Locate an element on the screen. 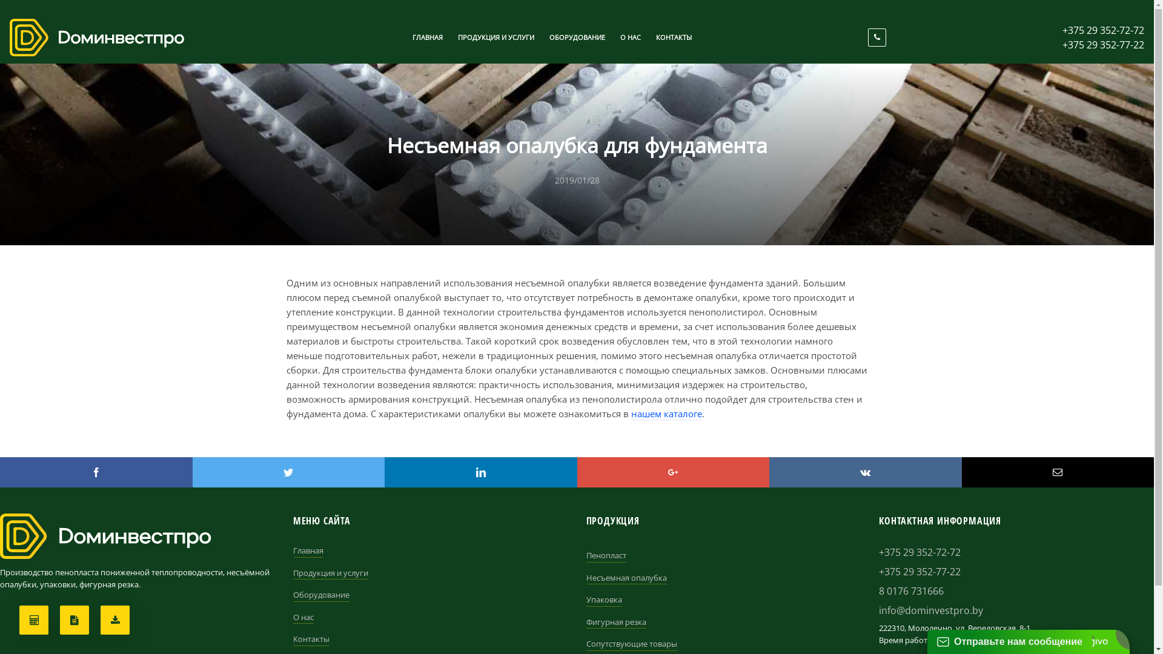 The height and width of the screenshot is (654, 1163). 'Email' is located at coordinates (1058, 471).